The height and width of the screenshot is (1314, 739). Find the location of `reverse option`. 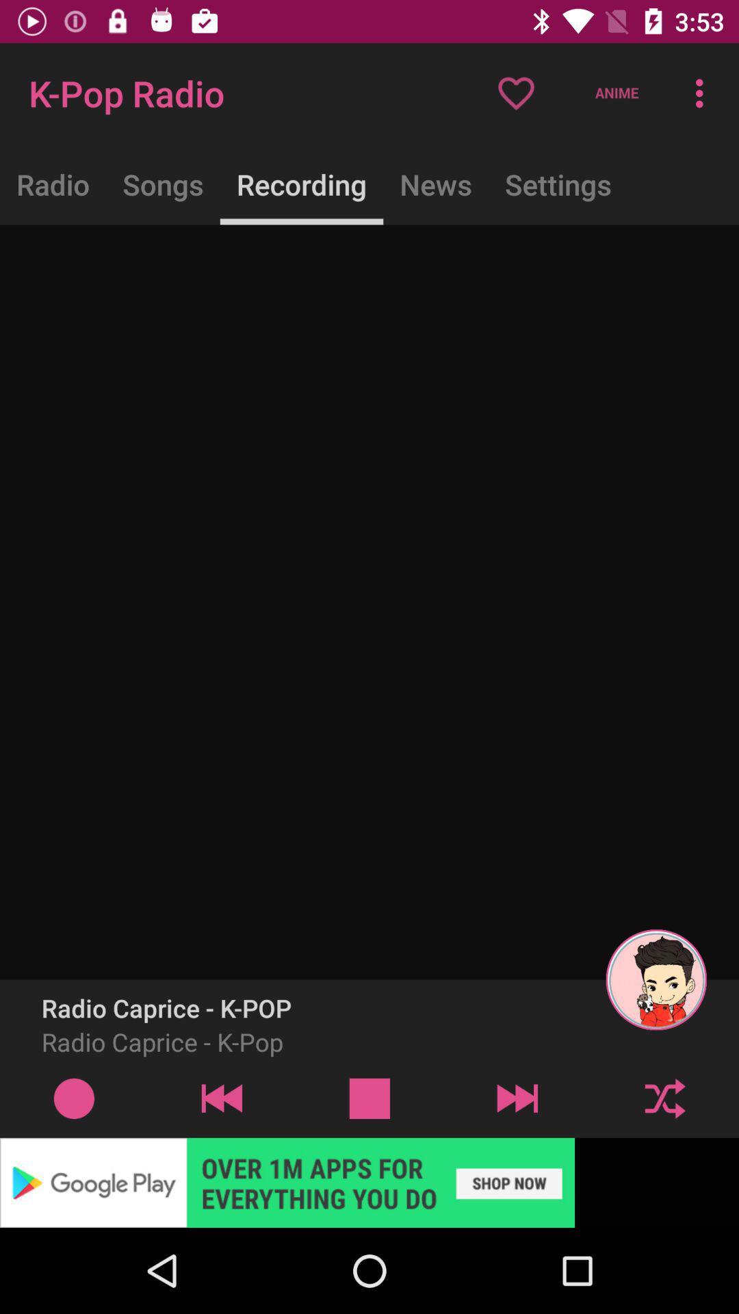

reverse option is located at coordinates (221, 1098).